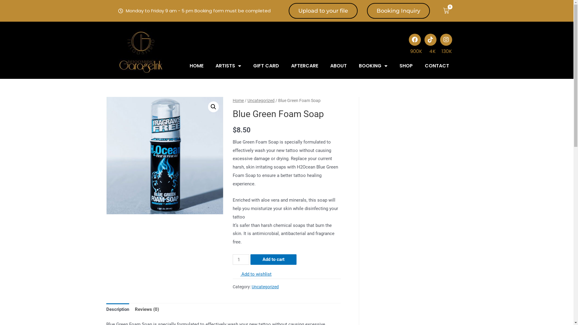  Describe the element at coordinates (247, 100) in the screenshot. I see `'Uncategorized'` at that location.